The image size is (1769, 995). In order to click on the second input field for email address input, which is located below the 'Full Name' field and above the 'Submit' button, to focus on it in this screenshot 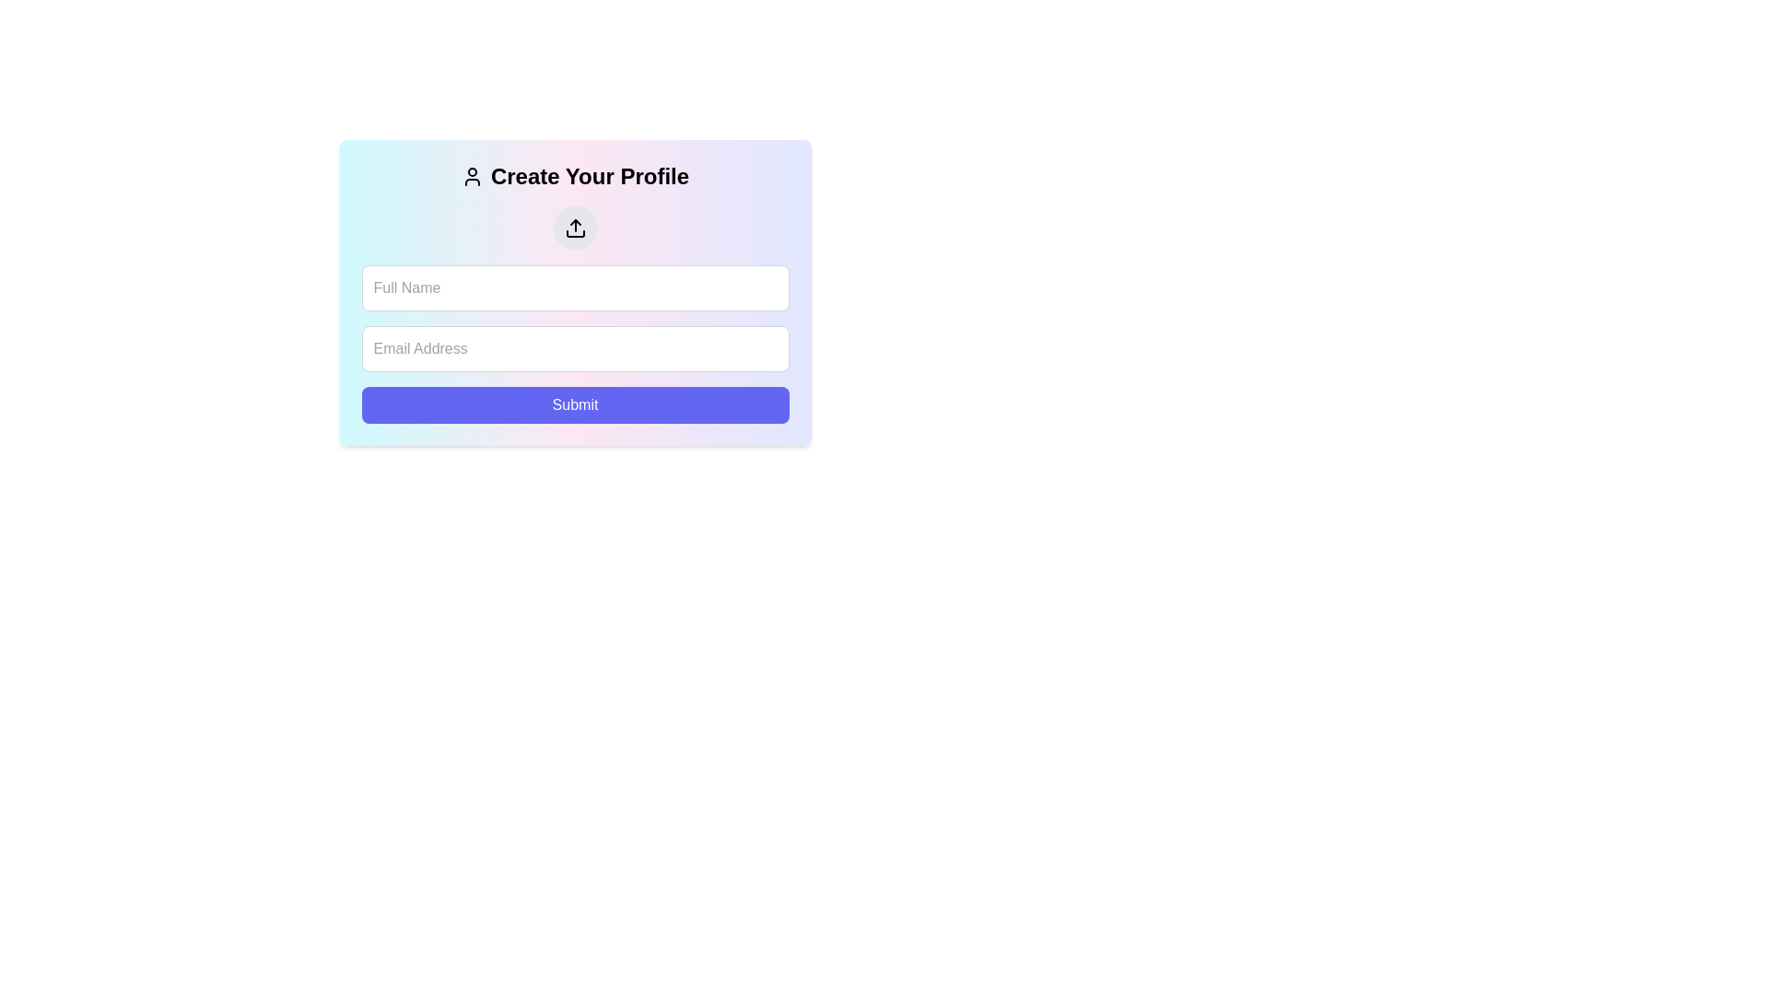, I will do `click(574, 348)`.